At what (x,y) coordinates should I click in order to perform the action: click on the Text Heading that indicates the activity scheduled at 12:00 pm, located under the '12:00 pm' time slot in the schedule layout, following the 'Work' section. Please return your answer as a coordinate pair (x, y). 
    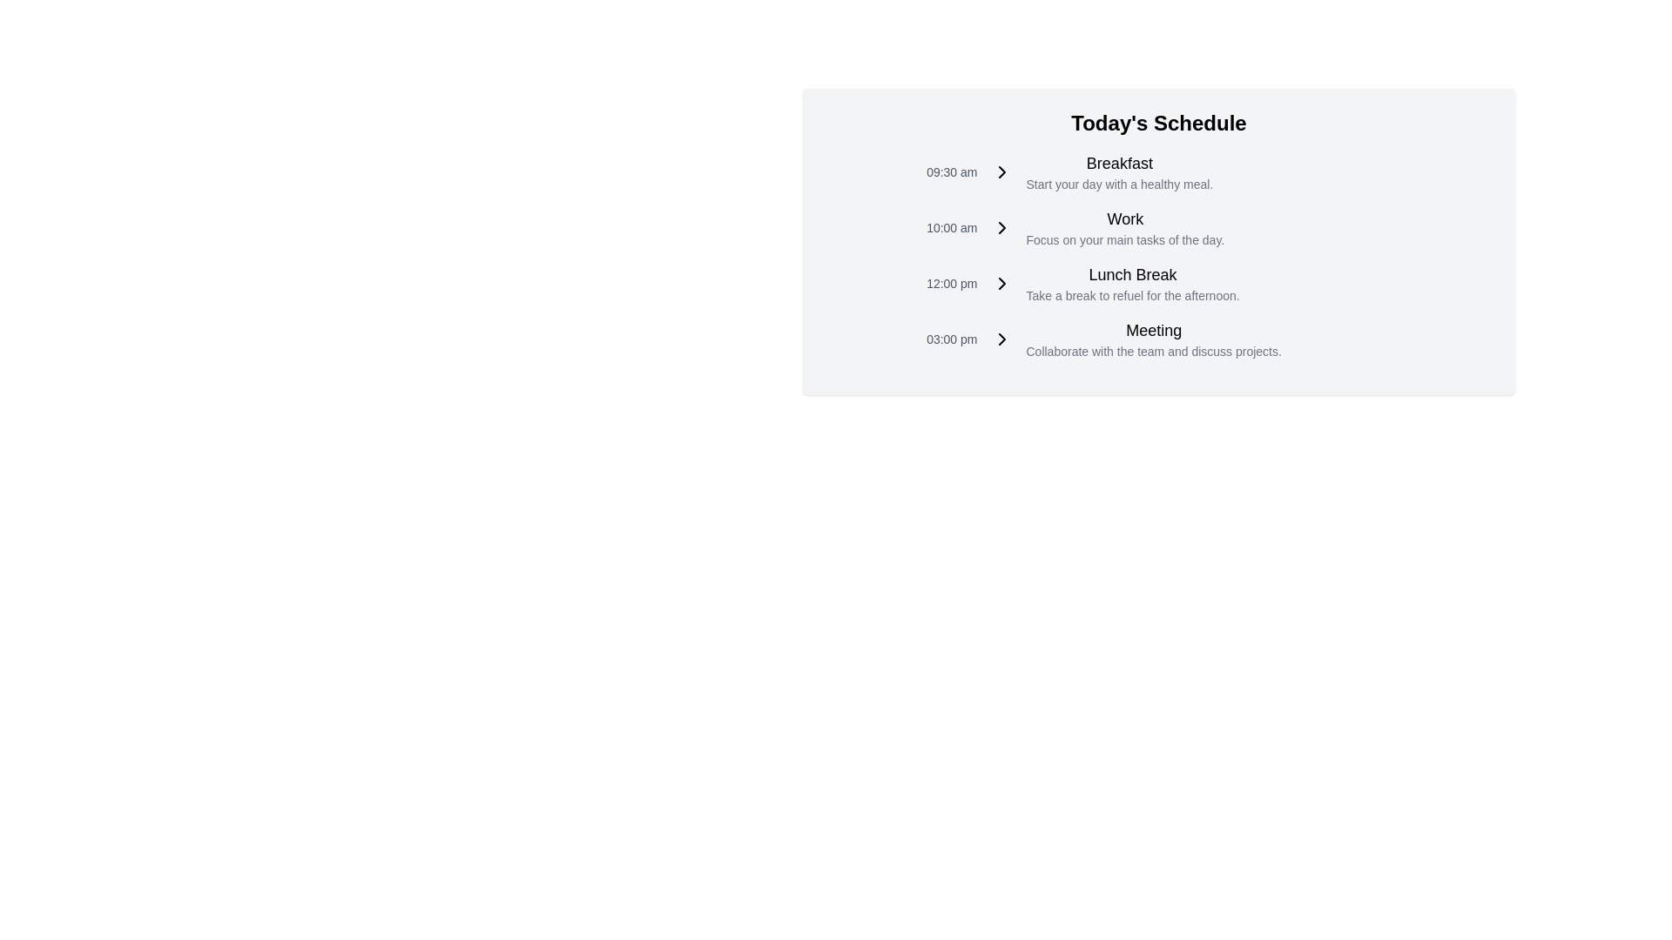
    Looking at the image, I should click on (1132, 274).